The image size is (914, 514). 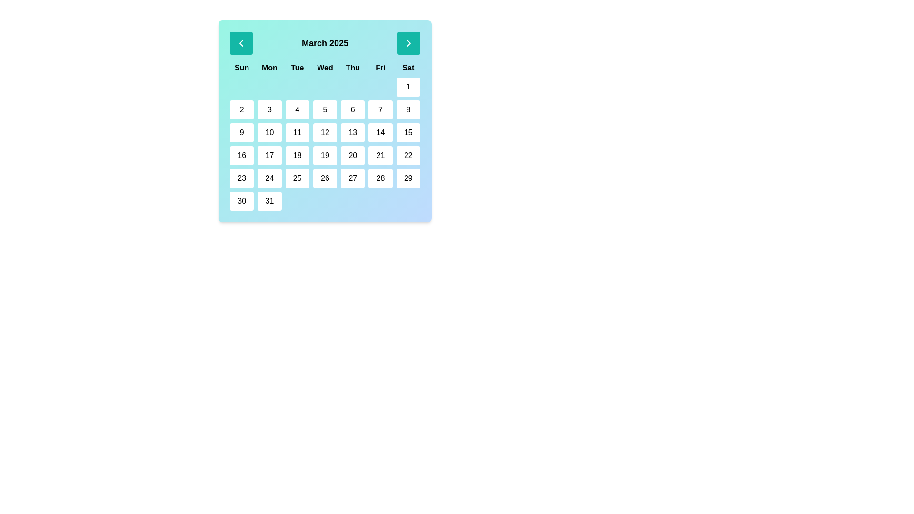 I want to click on the selectable date button for '13' located under 'Thu' in the calendar interface to observe visual feedback, so click(x=352, y=132).